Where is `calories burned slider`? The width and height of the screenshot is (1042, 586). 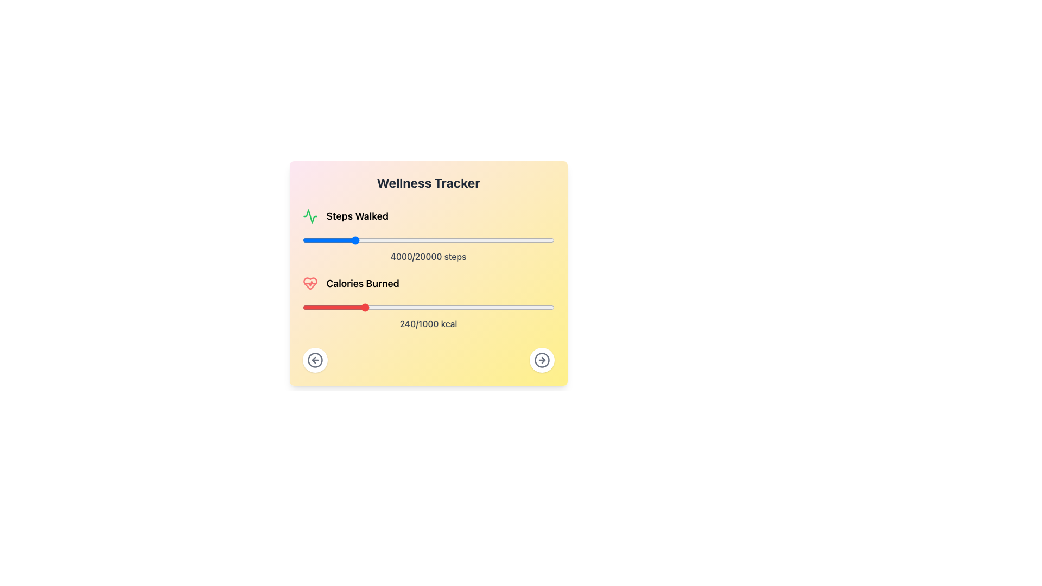
calories burned slider is located at coordinates (343, 308).